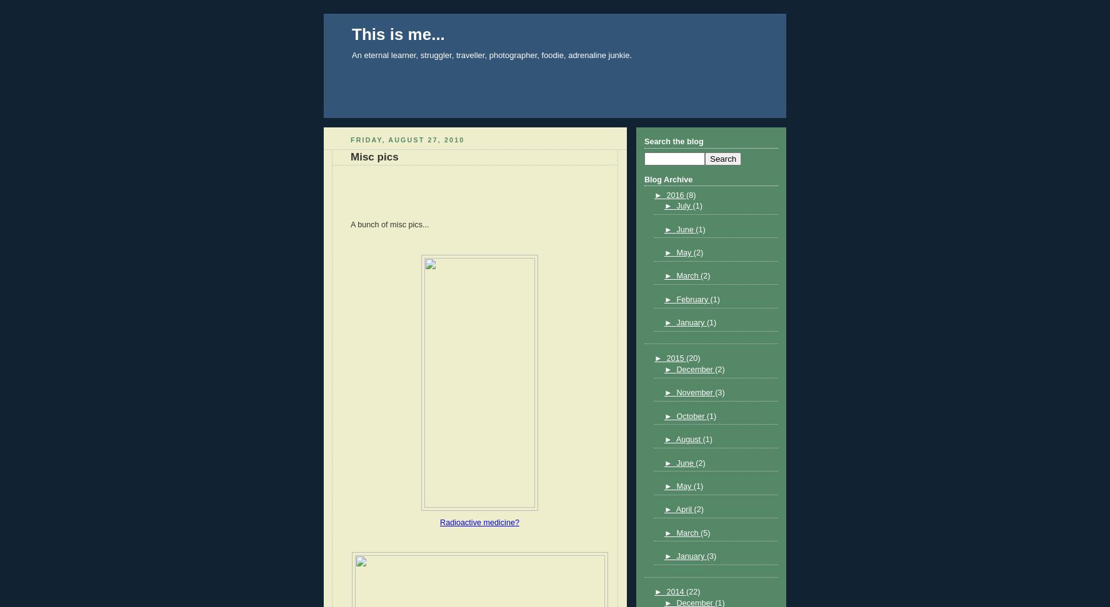  What do you see at coordinates (696, 392) in the screenshot?
I see `'November'` at bounding box center [696, 392].